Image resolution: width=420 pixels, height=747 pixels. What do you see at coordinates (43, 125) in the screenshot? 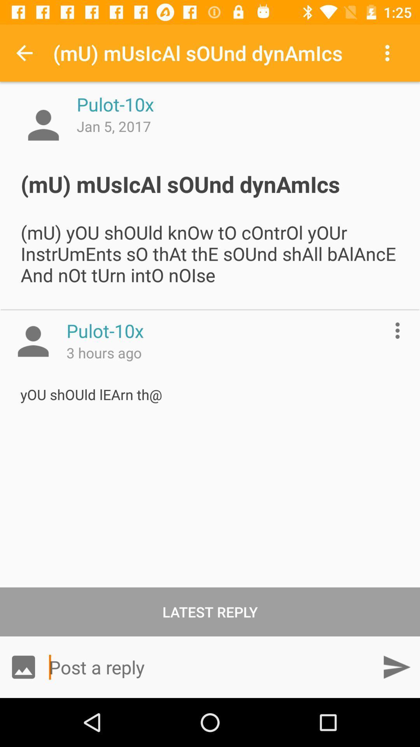
I see `user profile` at bounding box center [43, 125].